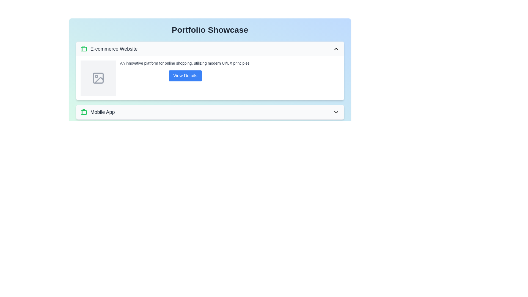 The image size is (528, 297). What do you see at coordinates (336, 112) in the screenshot?
I see `the navigation icon at the far right end of the 'Mobile App' section header` at bounding box center [336, 112].